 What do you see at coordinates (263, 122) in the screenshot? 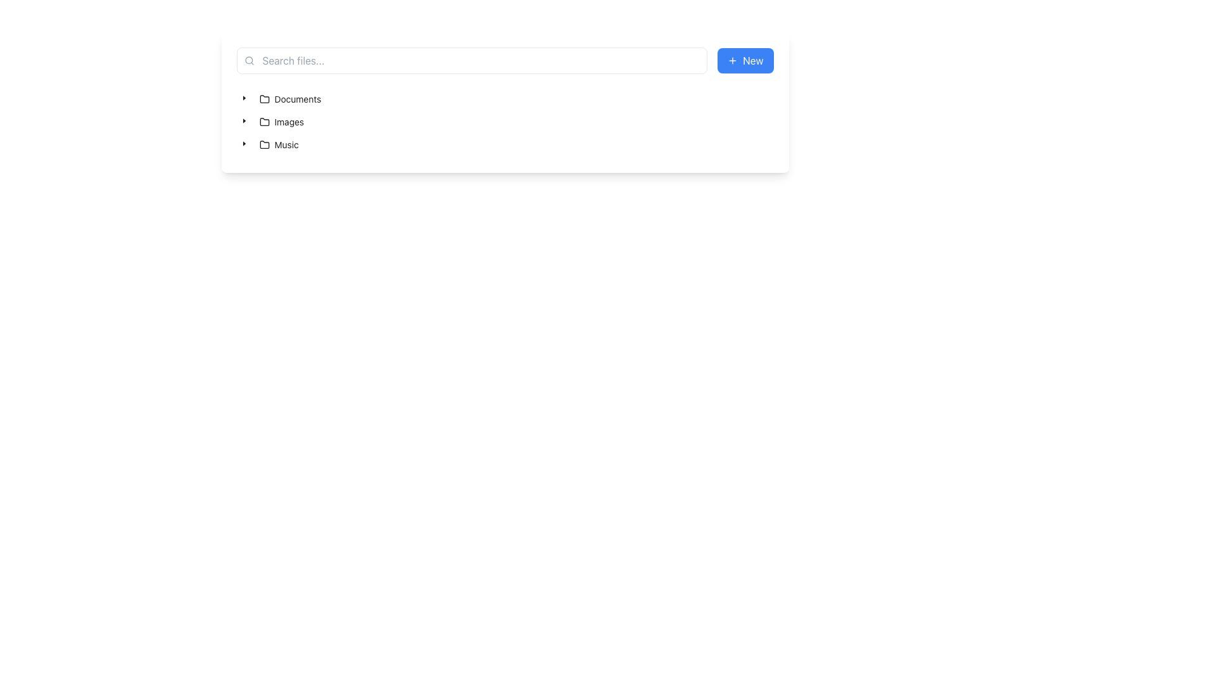
I see `the minimalistic black outlined folder icon located to the left of the 'Images' label to focus or select the associated folder` at bounding box center [263, 122].